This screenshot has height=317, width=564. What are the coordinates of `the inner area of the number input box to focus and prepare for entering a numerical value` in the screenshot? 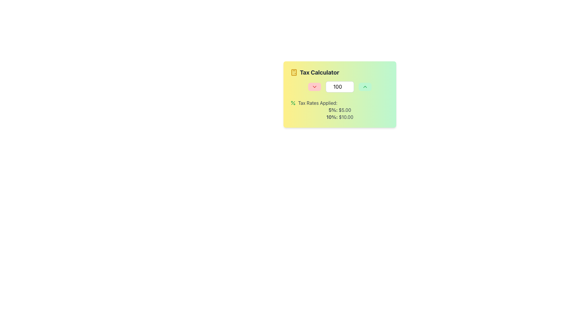 It's located at (340, 87).